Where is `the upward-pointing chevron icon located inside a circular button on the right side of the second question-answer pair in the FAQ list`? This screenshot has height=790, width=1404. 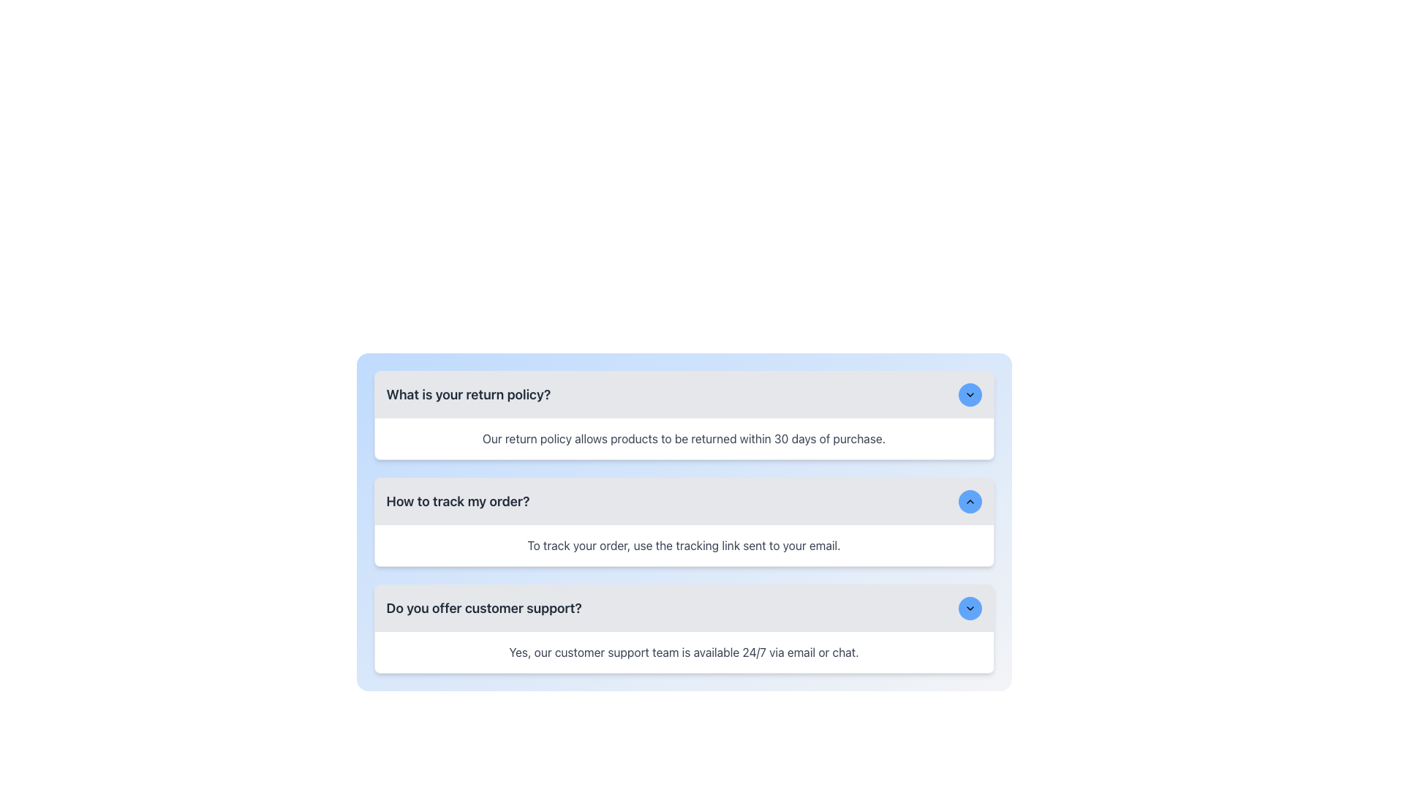 the upward-pointing chevron icon located inside a circular button on the right side of the second question-answer pair in the FAQ list is located at coordinates (970, 501).